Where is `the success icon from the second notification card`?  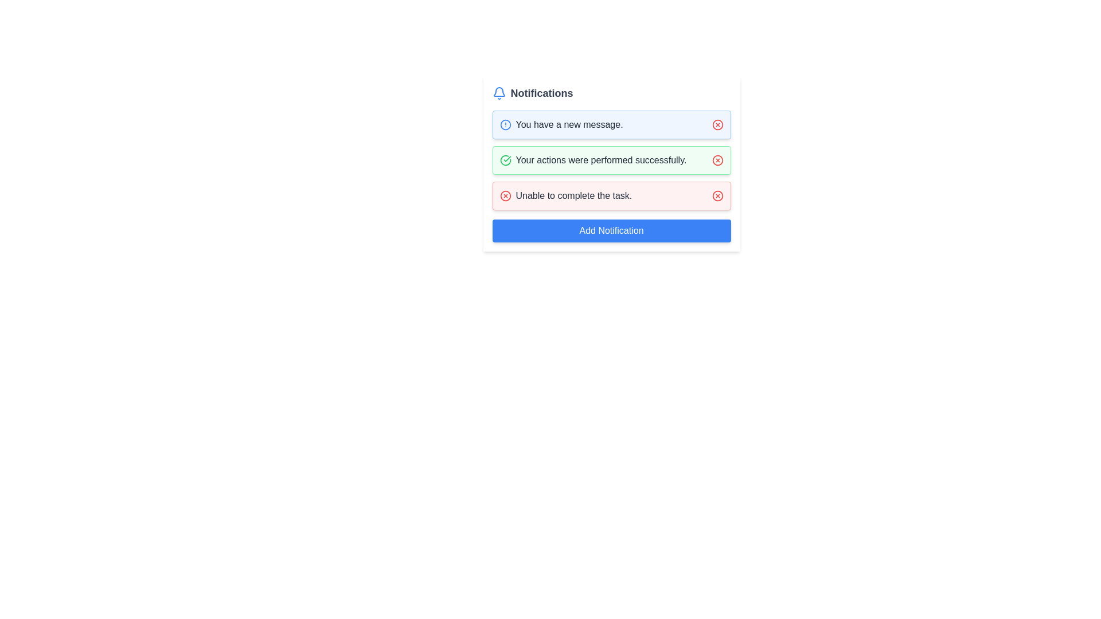
the success icon from the second notification card is located at coordinates (505, 160).